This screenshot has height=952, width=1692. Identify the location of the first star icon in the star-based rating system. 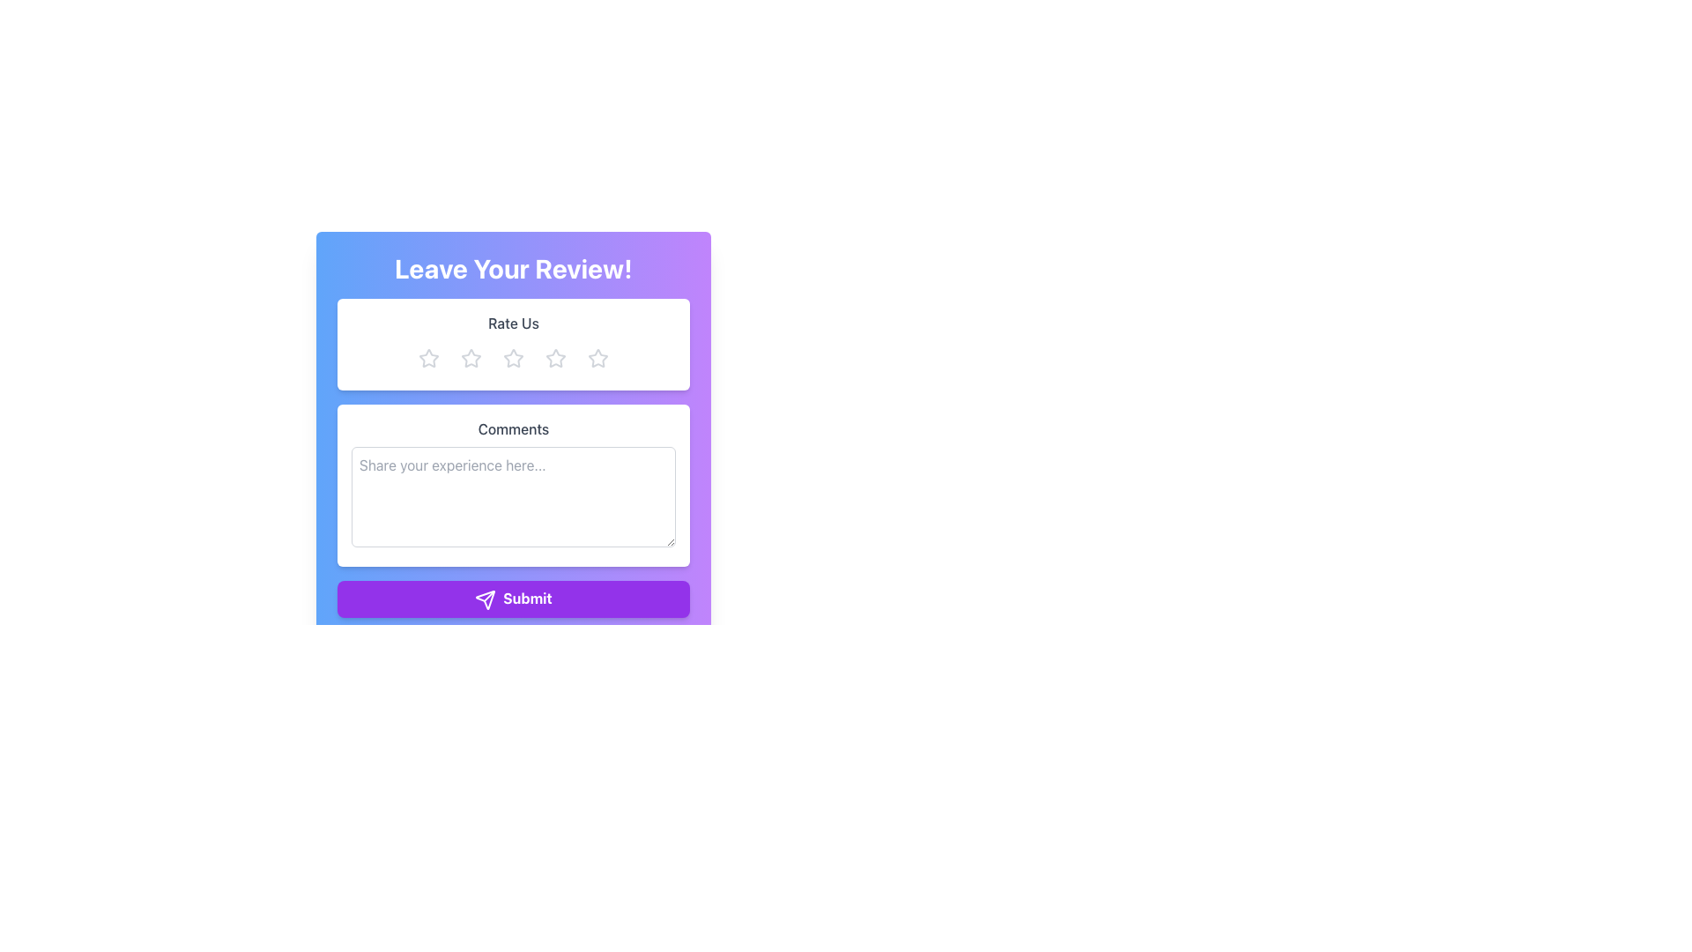
(428, 358).